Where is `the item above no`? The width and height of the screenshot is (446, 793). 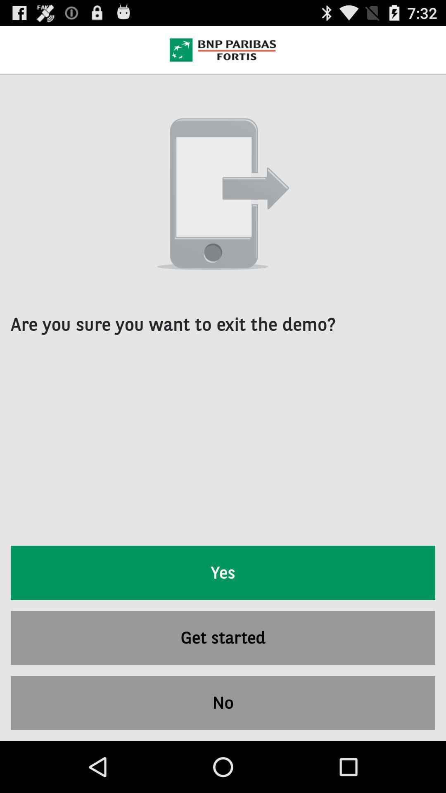 the item above no is located at coordinates (223, 637).